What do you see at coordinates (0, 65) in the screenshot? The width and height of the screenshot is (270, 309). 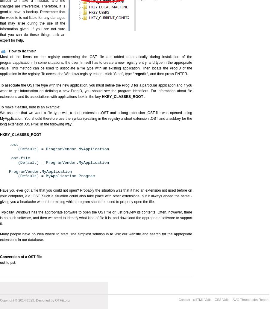 I see `'Most of the items on the registry concerning the OST file are added automatically during installation of the program/application. In some situations, the user himself has to create a new registry entry, and type in the appropriate value. This method can be used to associate a file type with an existing application. Then locate the ProgID of the application in the registry. To access the Windows registry editor - click "Start", type'` at bounding box center [0, 65].